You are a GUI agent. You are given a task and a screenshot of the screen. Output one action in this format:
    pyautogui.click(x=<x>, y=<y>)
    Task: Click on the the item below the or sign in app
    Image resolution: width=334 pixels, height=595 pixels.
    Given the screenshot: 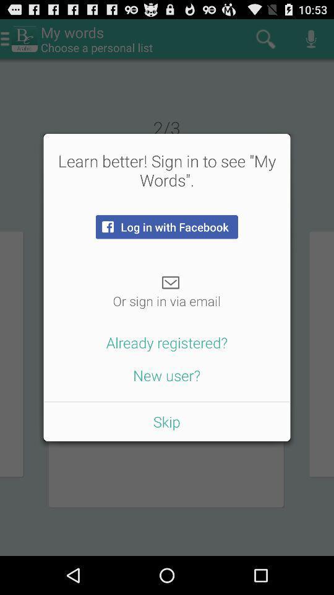 What is the action you would take?
    pyautogui.click(x=167, y=342)
    